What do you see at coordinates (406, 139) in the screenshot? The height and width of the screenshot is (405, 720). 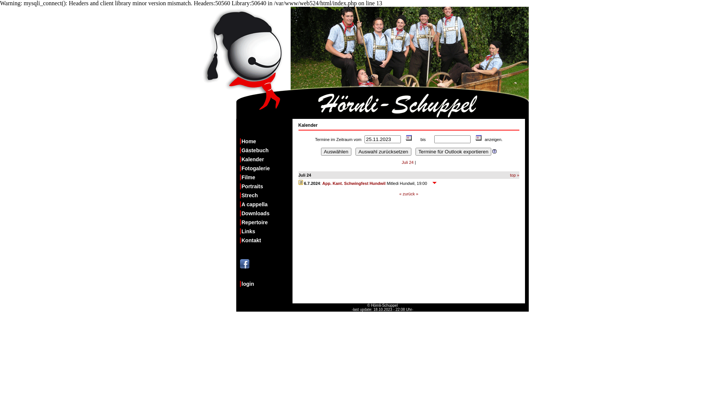 I see `'Kalender'` at bounding box center [406, 139].